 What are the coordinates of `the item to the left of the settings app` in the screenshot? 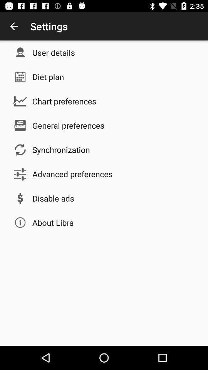 It's located at (14, 26).